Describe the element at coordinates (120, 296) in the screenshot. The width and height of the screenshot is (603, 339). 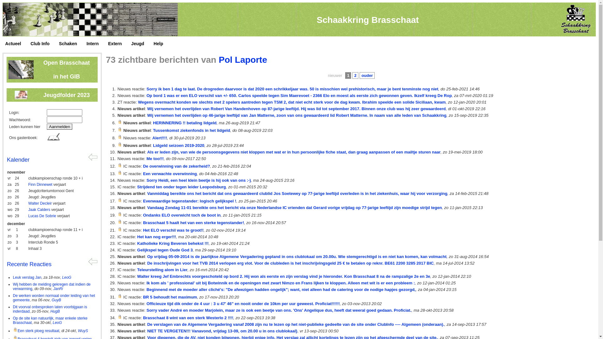
I see `'Enkel zichtbaar voor clubleden'` at that location.